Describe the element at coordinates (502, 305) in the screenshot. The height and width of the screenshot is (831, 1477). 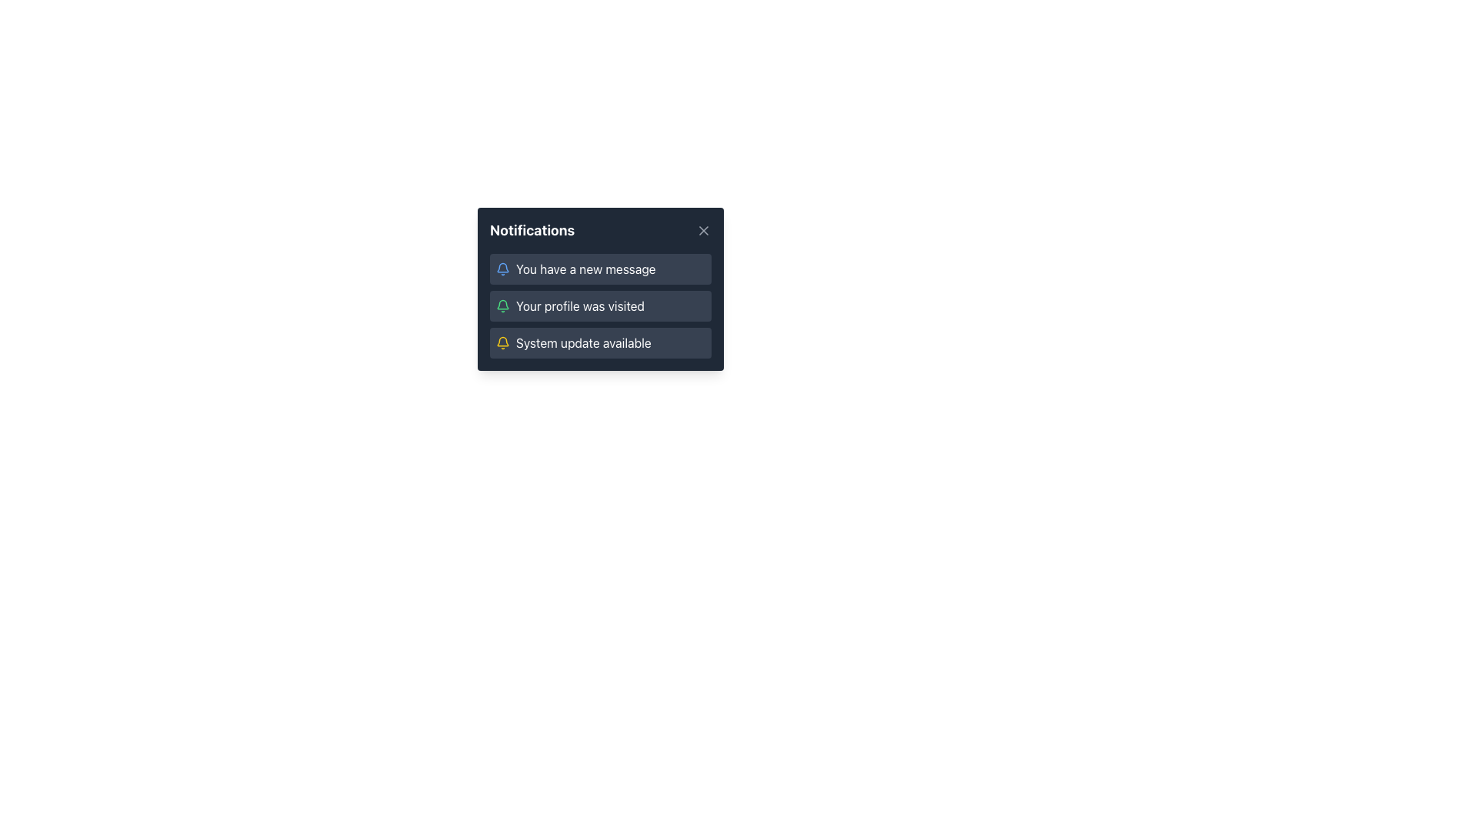
I see `the notification icon that indicates a notification related to 'Your profile was visited', located in the central part of the notification popup` at that location.